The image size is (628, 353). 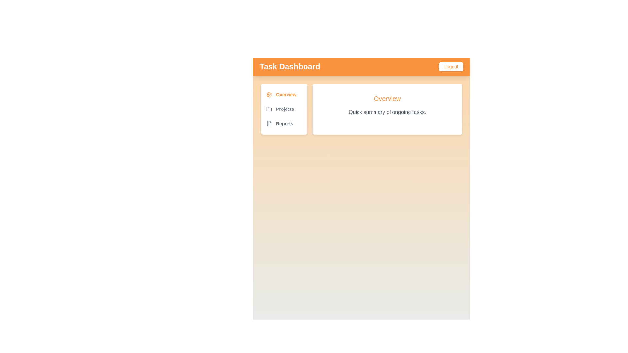 What do you see at coordinates (269, 94) in the screenshot?
I see `the gear-like icon located in the 'Overview' section of the left navigation bar` at bounding box center [269, 94].